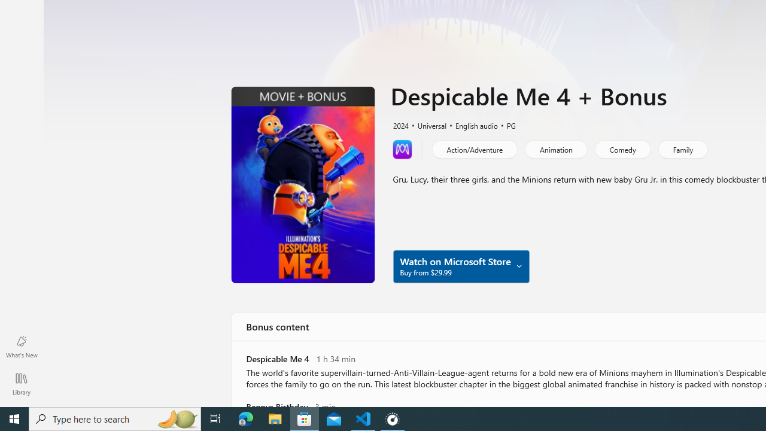  I want to click on 'Watch on Microsoft Store Buy from $29.99', so click(460, 265).